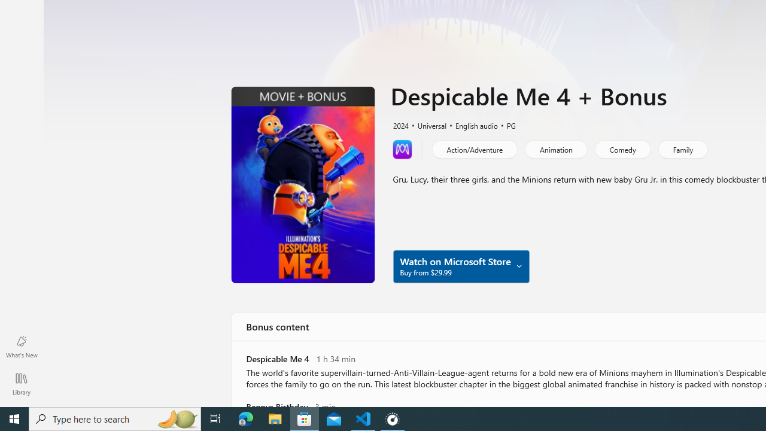  I want to click on 'Watch on Microsoft Store Buy from $29.99', so click(460, 265).